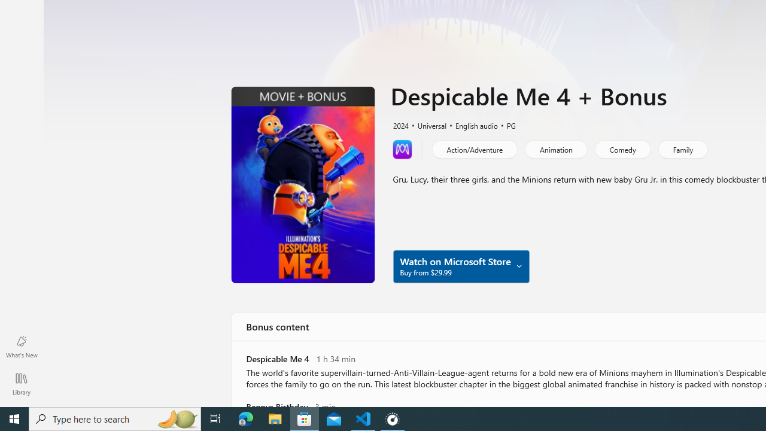  I want to click on 'Watch on Microsoft Store Buy from $29.99', so click(460, 265).